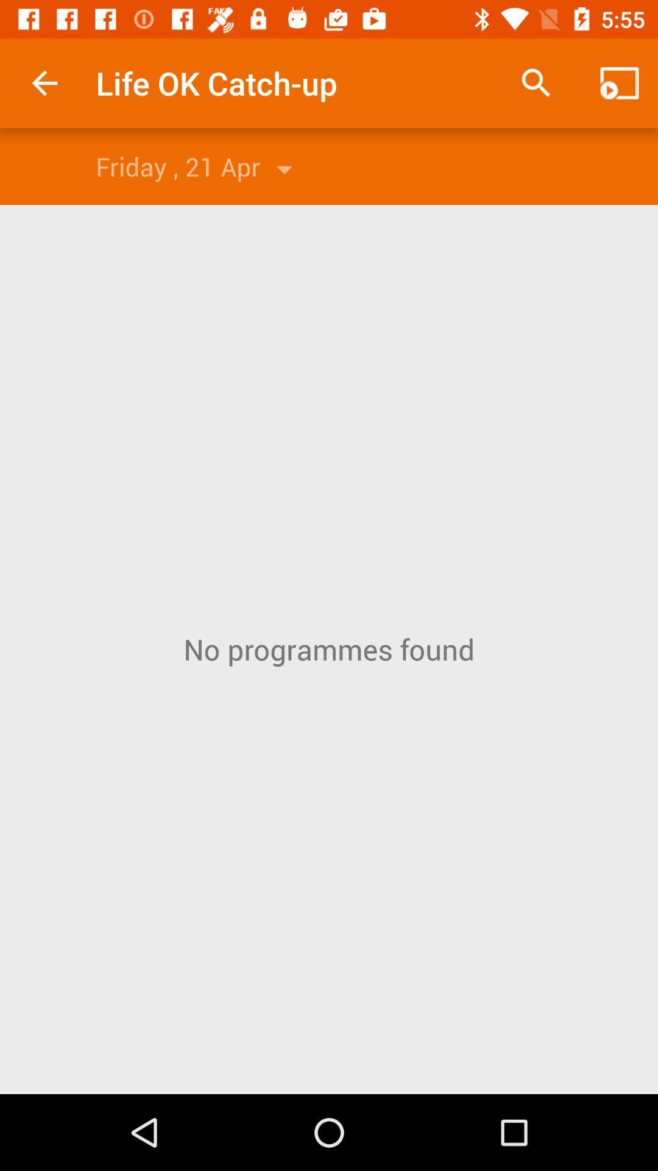 The image size is (658, 1171). Describe the element at coordinates (44, 82) in the screenshot. I see `app to the left of the life ok catch` at that location.